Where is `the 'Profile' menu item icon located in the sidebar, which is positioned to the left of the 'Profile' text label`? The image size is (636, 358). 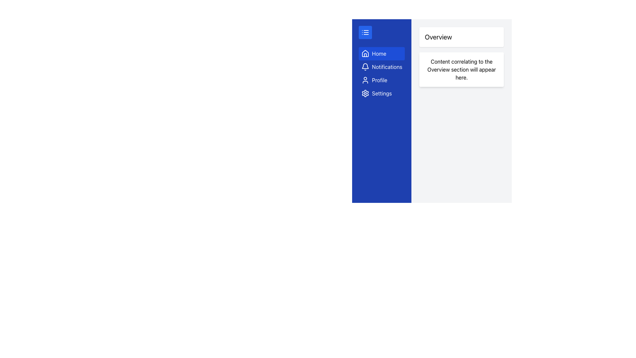
the 'Profile' menu item icon located in the sidebar, which is positioned to the left of the 'Profile' text label is located at coordinates (365, 80).